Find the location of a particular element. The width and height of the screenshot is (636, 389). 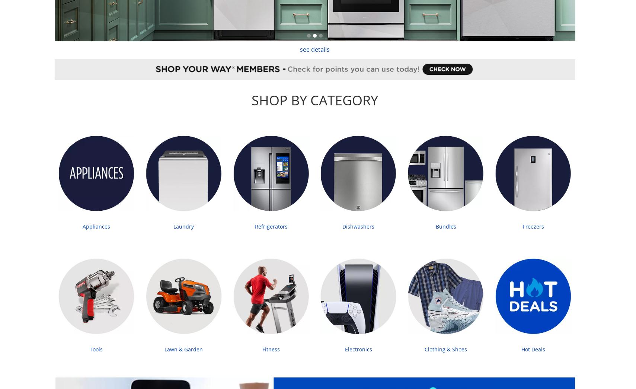

'Shipping & Delivery' is located at coordinates (71, 147).